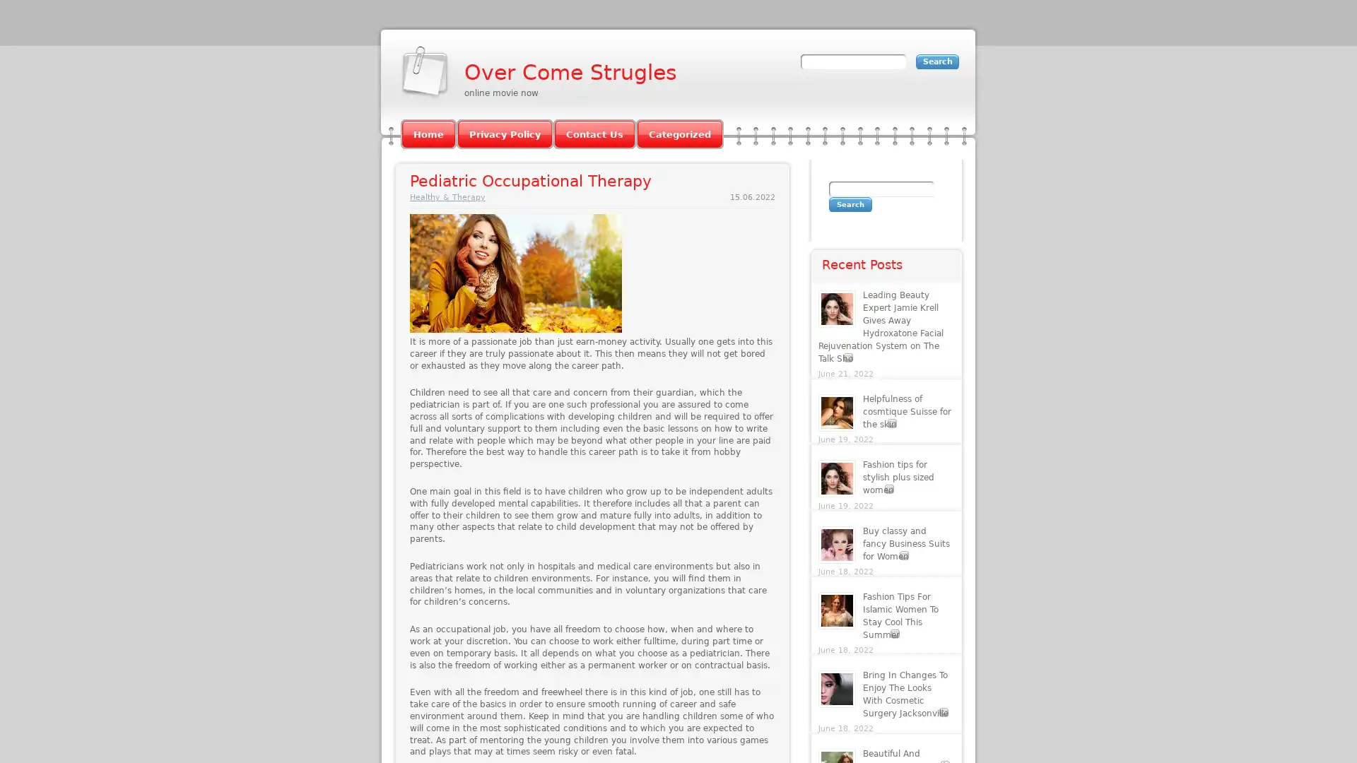  Describe the element at coordinates (850, 204) in the screenshot. I see `Search` at that location.